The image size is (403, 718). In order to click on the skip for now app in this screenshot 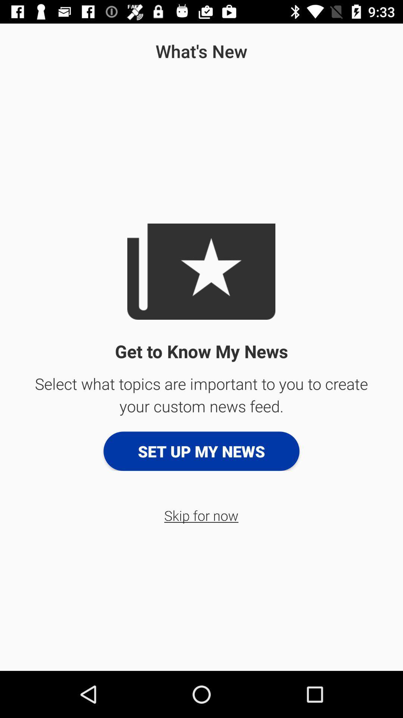, I will do `click(201, 515)`.